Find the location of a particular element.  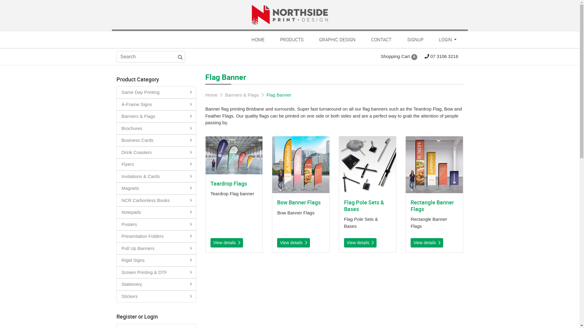

'Stationery' is located at coordinates (156, 284).